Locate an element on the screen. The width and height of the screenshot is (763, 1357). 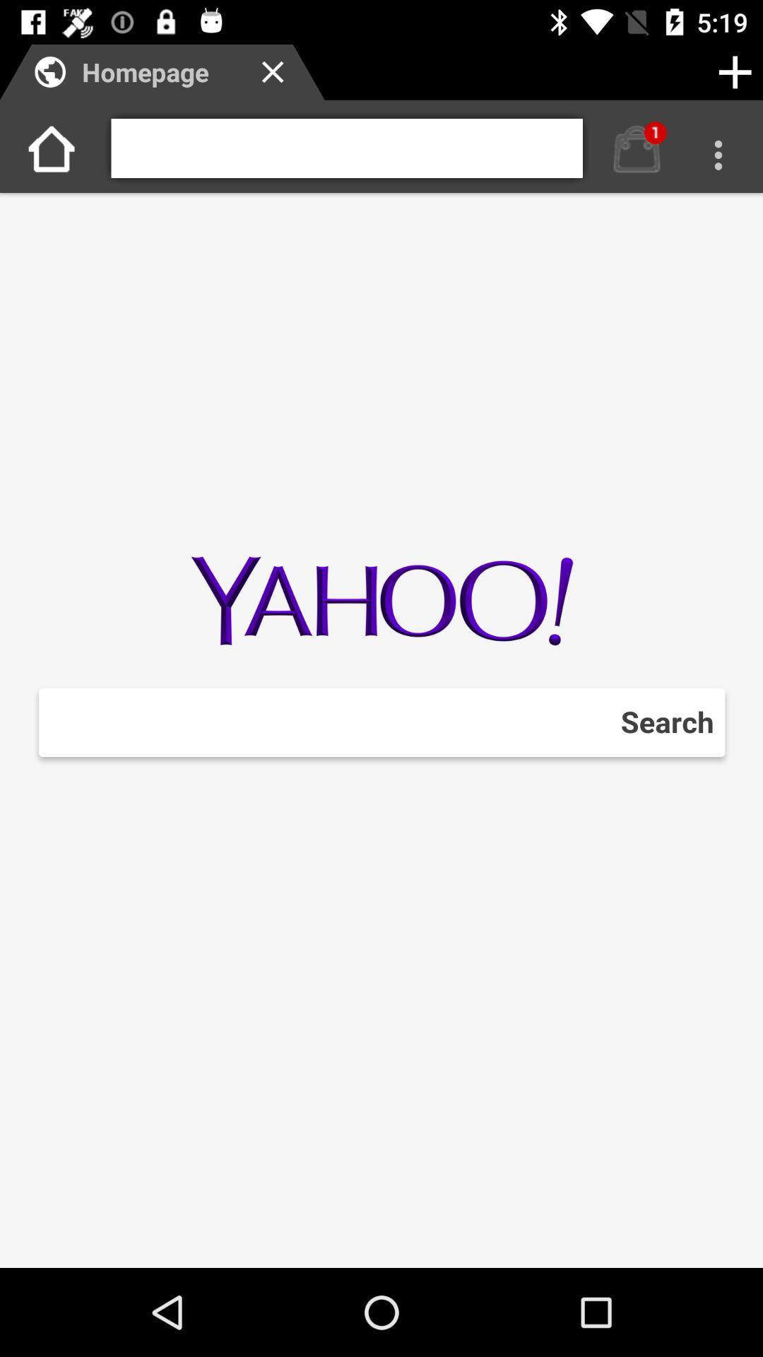
new tab is located at coordinates (734, 71).